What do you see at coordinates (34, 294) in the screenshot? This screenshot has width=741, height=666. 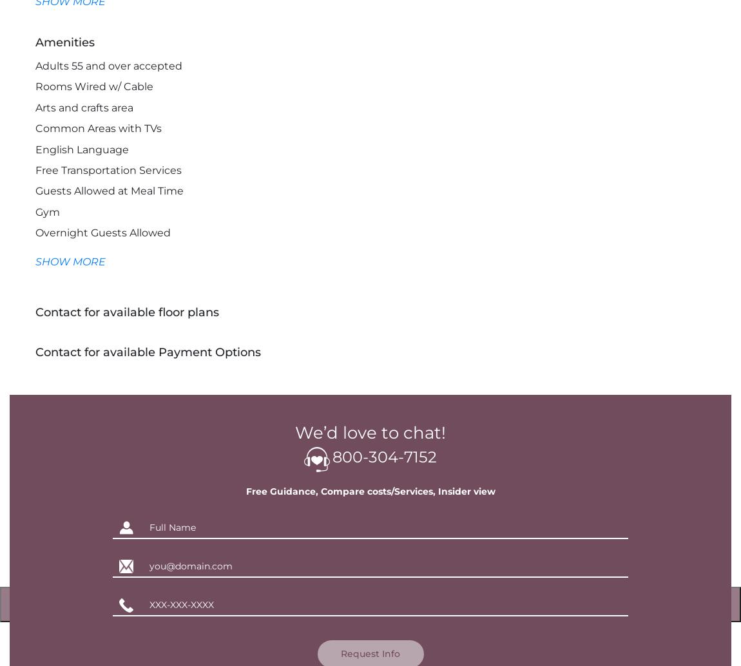 I see `'In-house Laundry and Drycleaning'` at bounding box center [34, 294].